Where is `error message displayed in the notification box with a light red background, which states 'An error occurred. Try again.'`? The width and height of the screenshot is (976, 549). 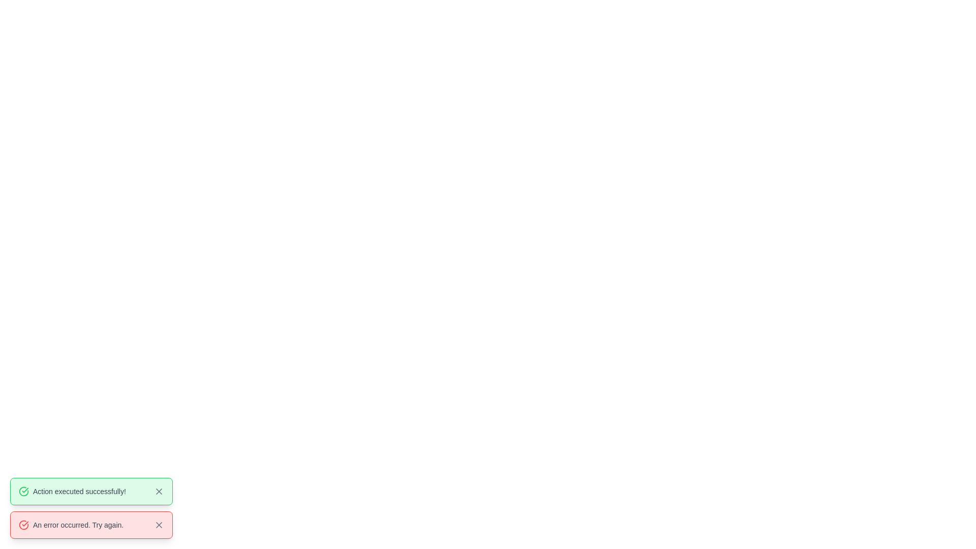
error message displayed in the notification box with a light red background, which states 'An error occurred. Try again.' is located at coordinates (91, 525).